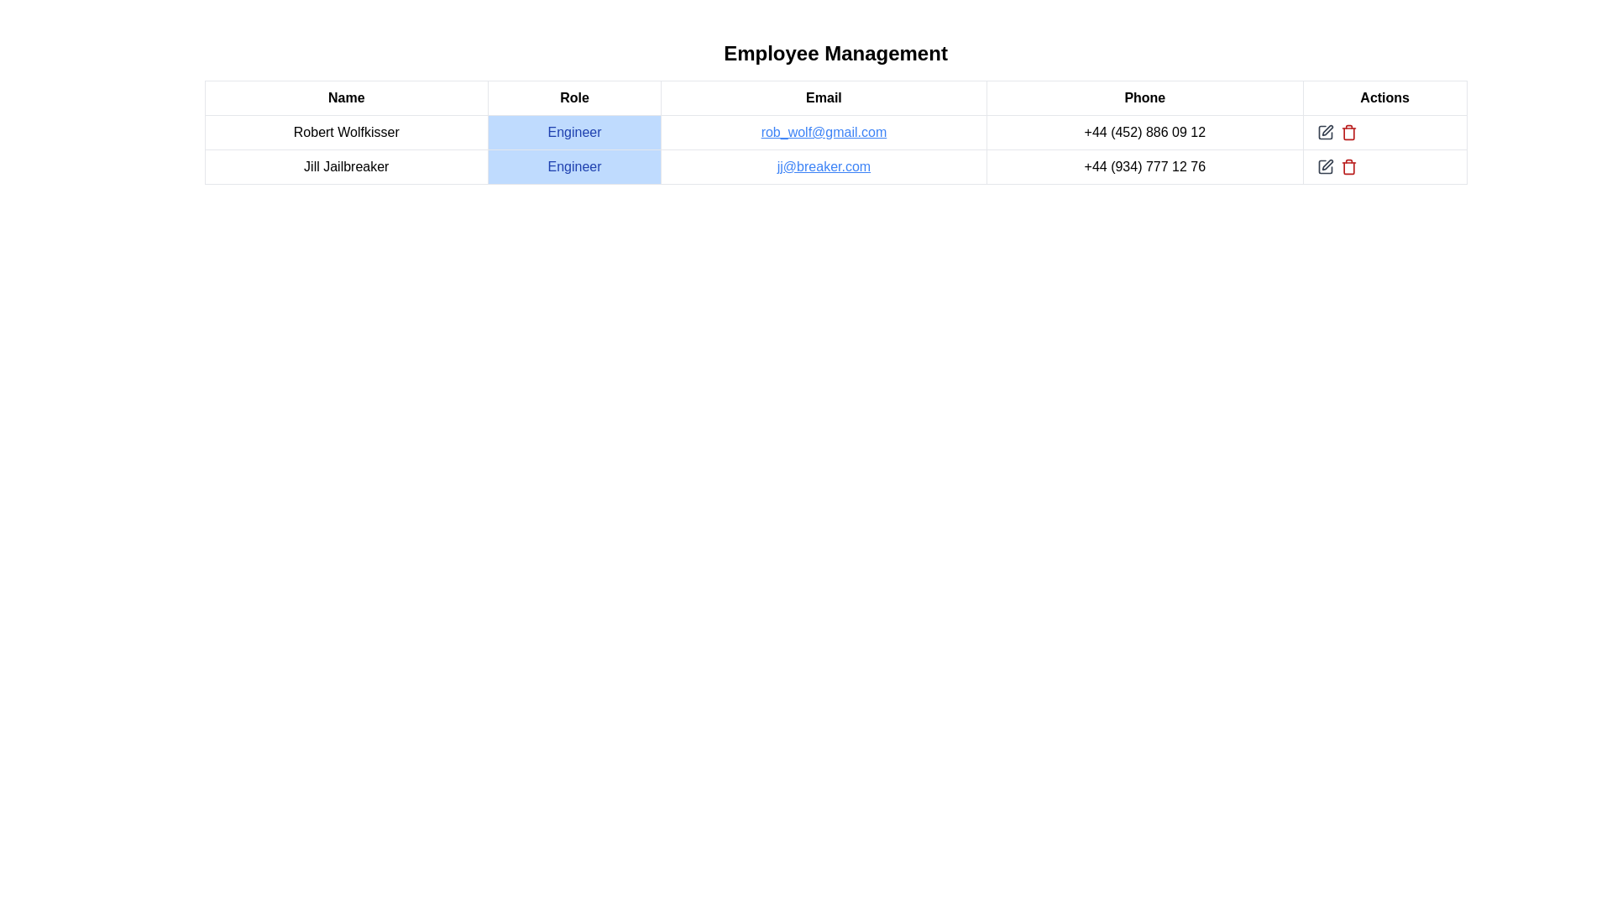  What do you see at coordinates (824, 97) in the screenshot?
I see `the Table Header Cell labeled 'Email', which is the third column in the header row of the table, prominently styled and aligned with other header cells` at bounding box center [824, 97].